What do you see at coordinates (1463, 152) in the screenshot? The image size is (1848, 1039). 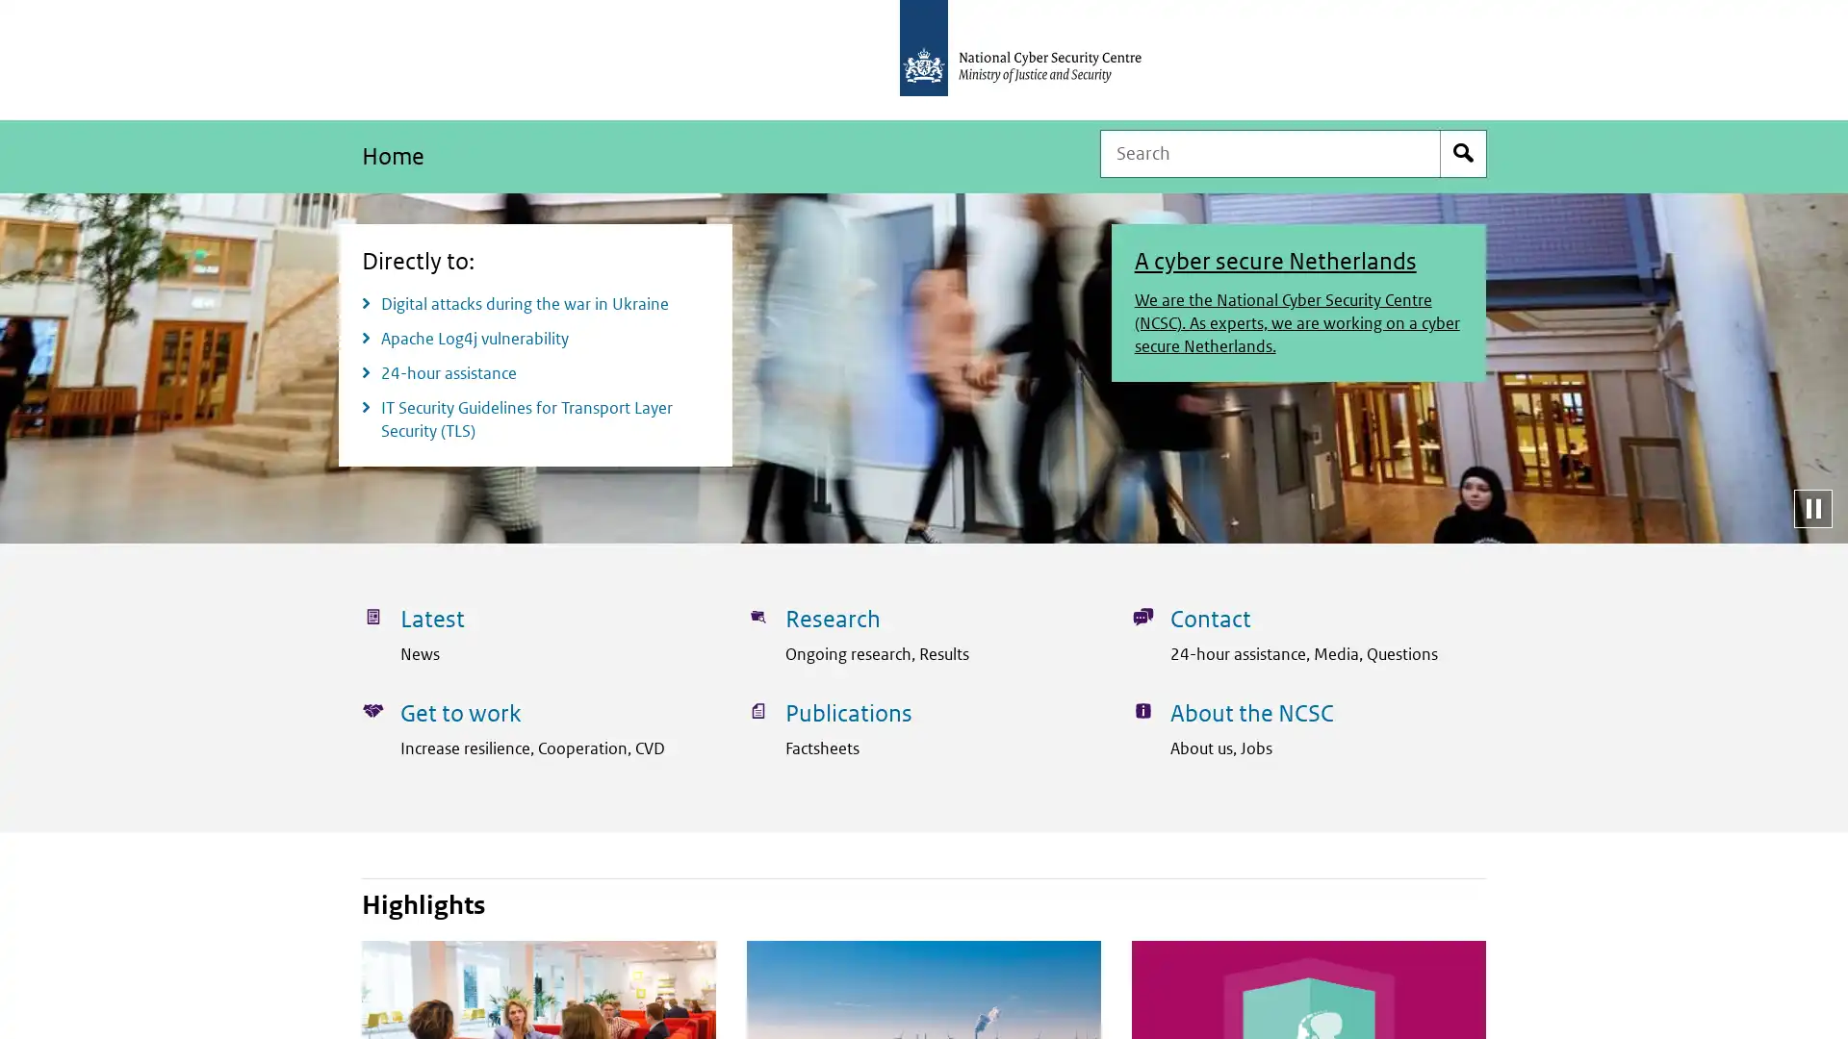 I see `Start search` at bounding box center [1463, 152].